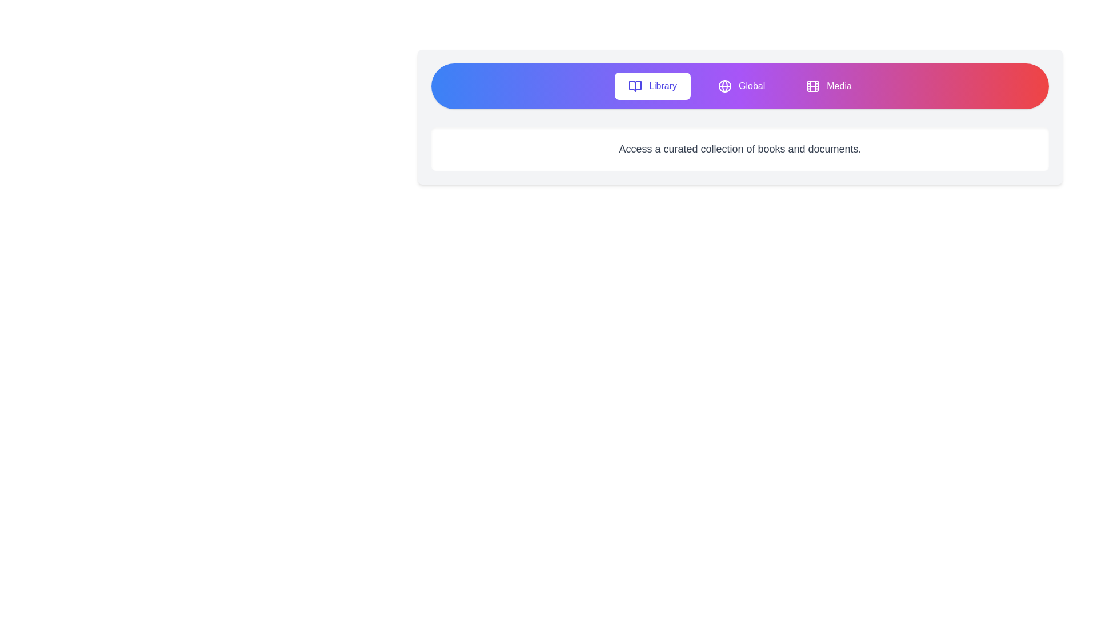  What do you see at coordinates (742, 85) in the screenshot?
I see `the tab button labeled Global` at bounding box center [742, 85].